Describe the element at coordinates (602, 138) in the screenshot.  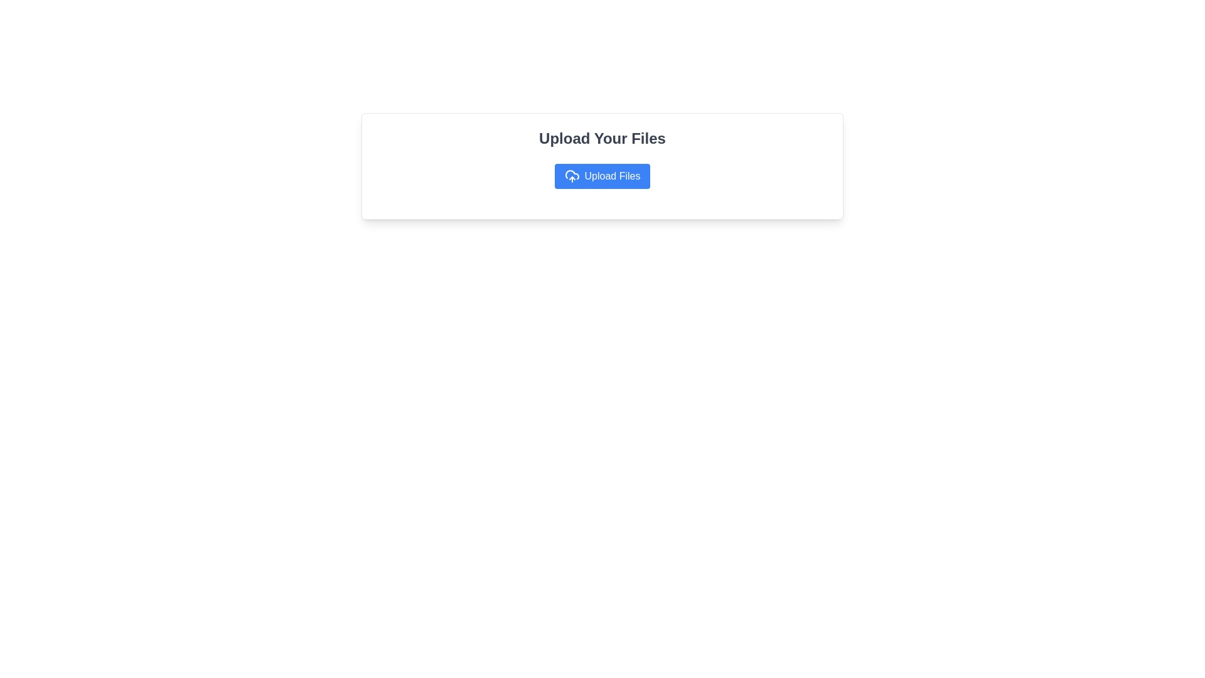
I see `the heading text indicating the primary purpose of uploading files, which is positioned above the 'Upload Files' button` at that location.